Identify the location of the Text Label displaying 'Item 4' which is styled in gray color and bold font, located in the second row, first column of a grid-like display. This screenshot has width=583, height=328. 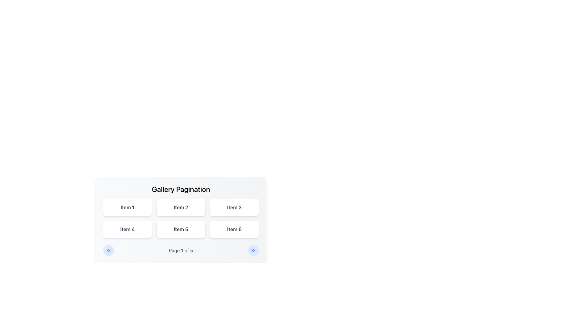
(127, 229).